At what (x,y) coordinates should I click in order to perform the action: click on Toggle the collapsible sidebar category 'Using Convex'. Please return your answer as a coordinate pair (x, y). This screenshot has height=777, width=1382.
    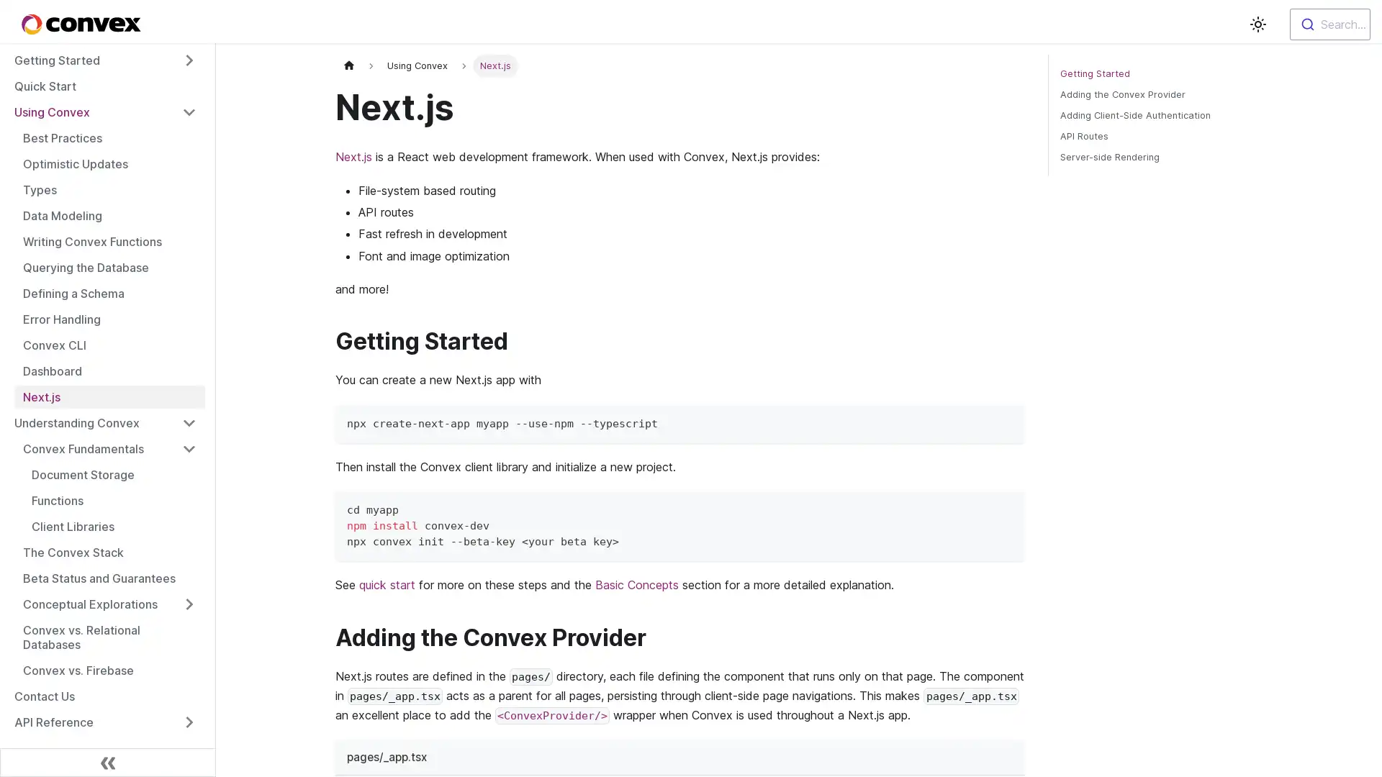
    Looking at the image, I should click on (189, 111).